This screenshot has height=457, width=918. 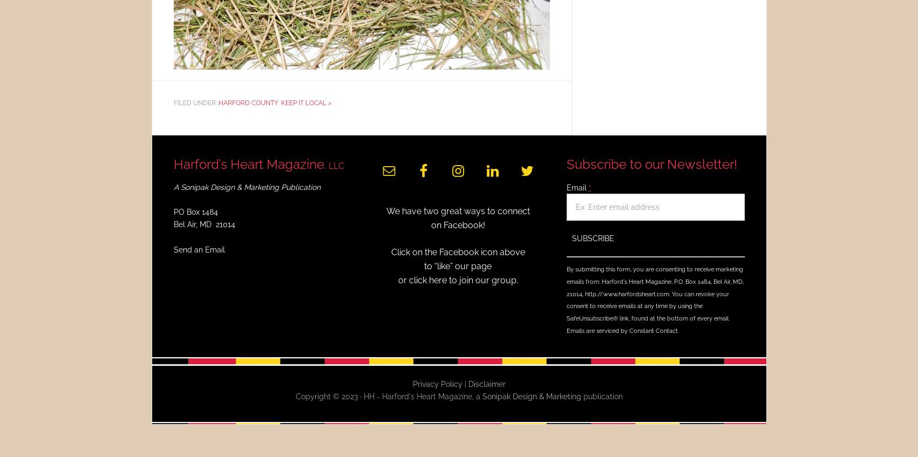 I want to click on 'on Facebook!', so click(x=430, y=224).